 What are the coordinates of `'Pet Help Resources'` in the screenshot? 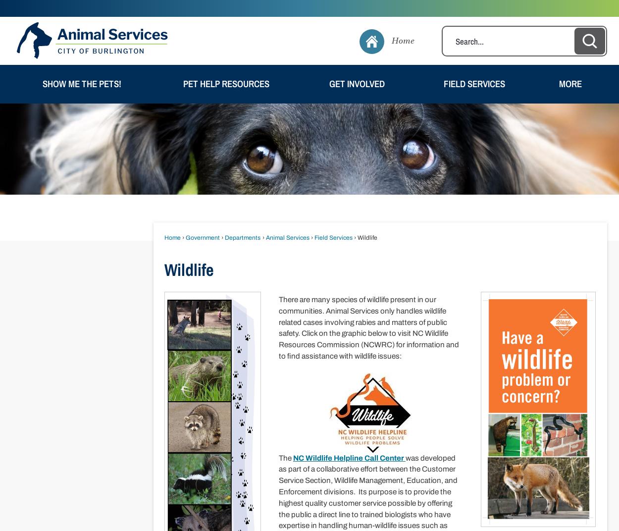 It's located at (225, 83).